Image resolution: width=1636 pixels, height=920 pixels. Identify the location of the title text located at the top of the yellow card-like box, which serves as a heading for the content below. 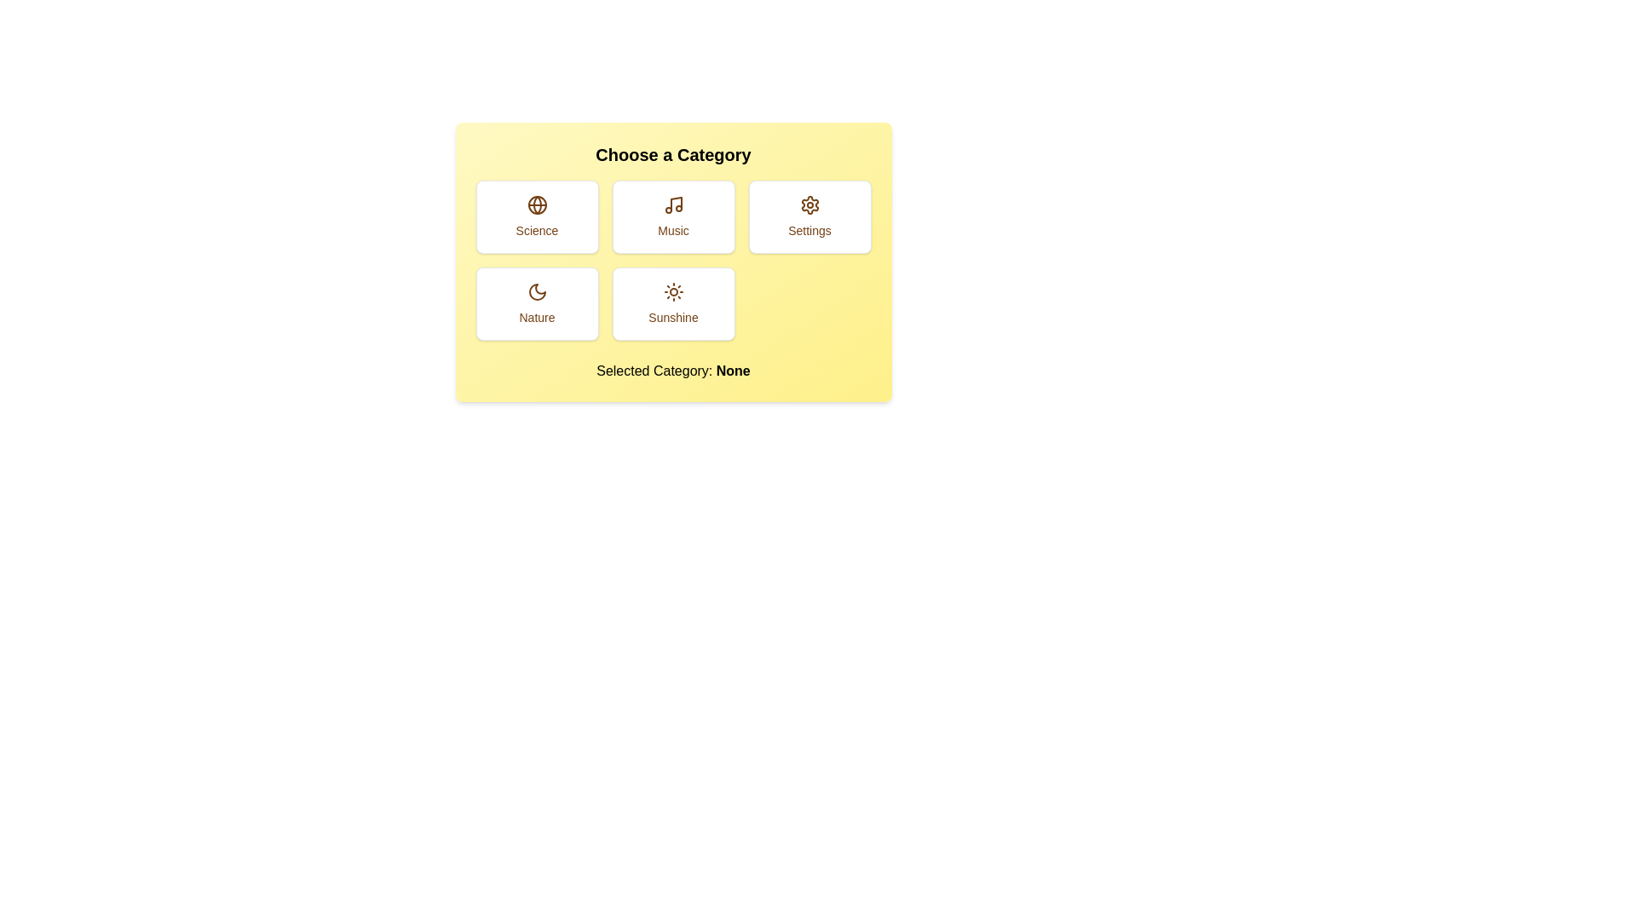
(672, 154).